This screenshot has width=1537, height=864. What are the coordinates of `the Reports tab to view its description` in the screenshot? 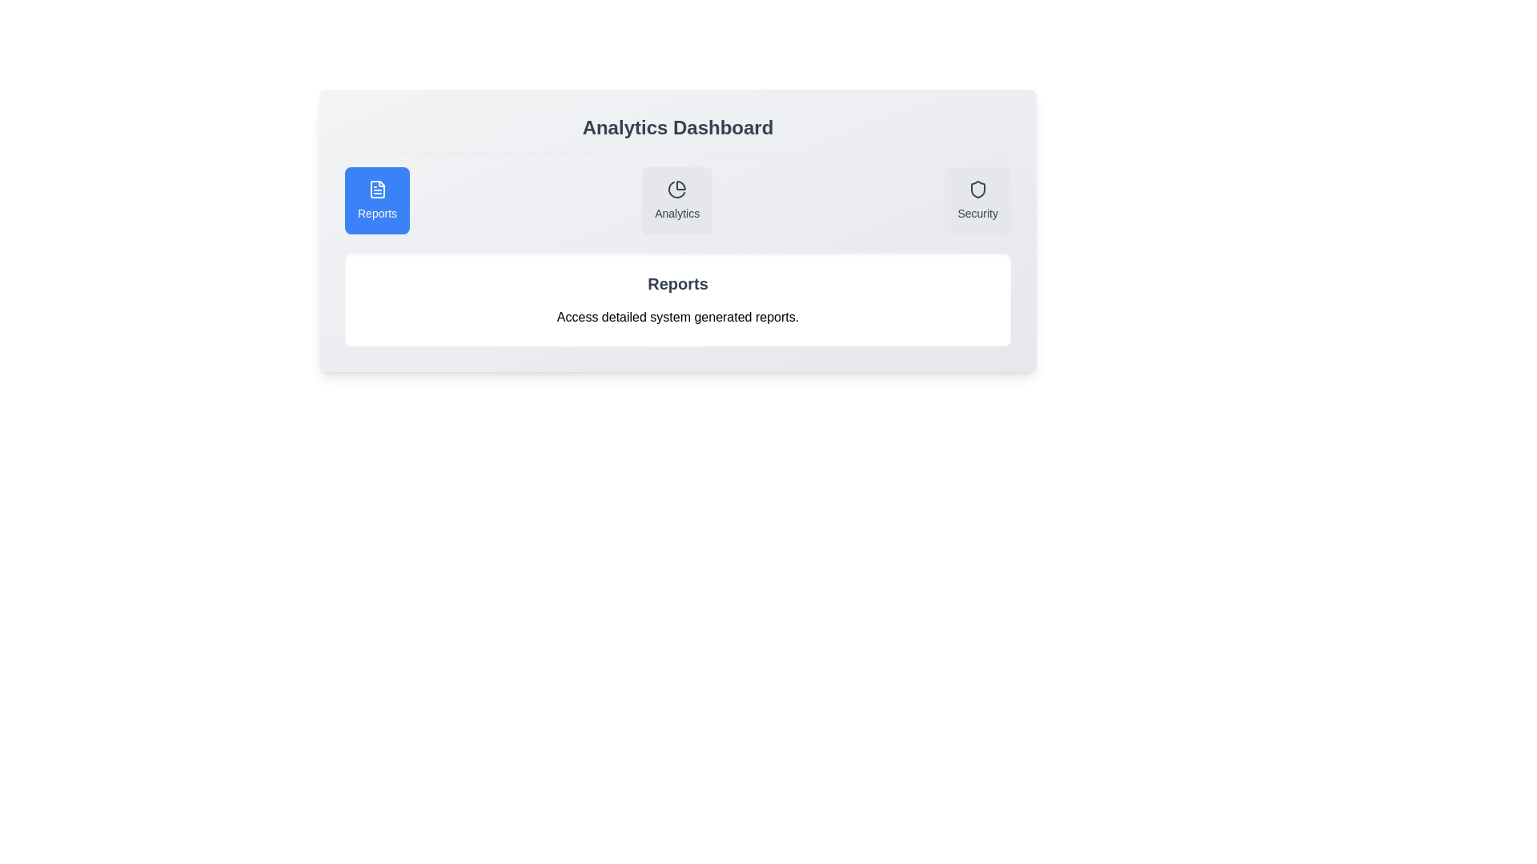 It's located at (376, 199).